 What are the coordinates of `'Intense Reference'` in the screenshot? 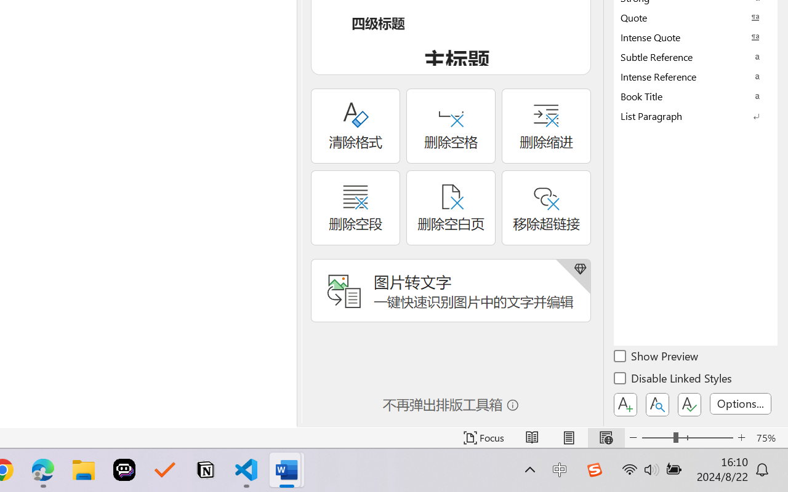 It's located at (696, 76).